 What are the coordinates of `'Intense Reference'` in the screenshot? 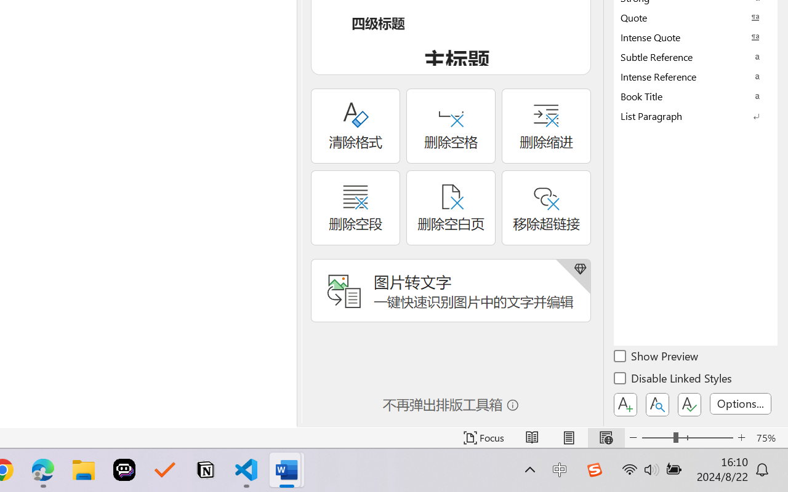 It's located at (696, 76).